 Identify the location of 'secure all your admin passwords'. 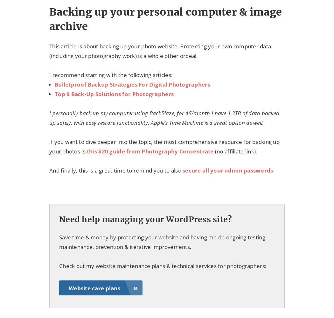
(227, 170).